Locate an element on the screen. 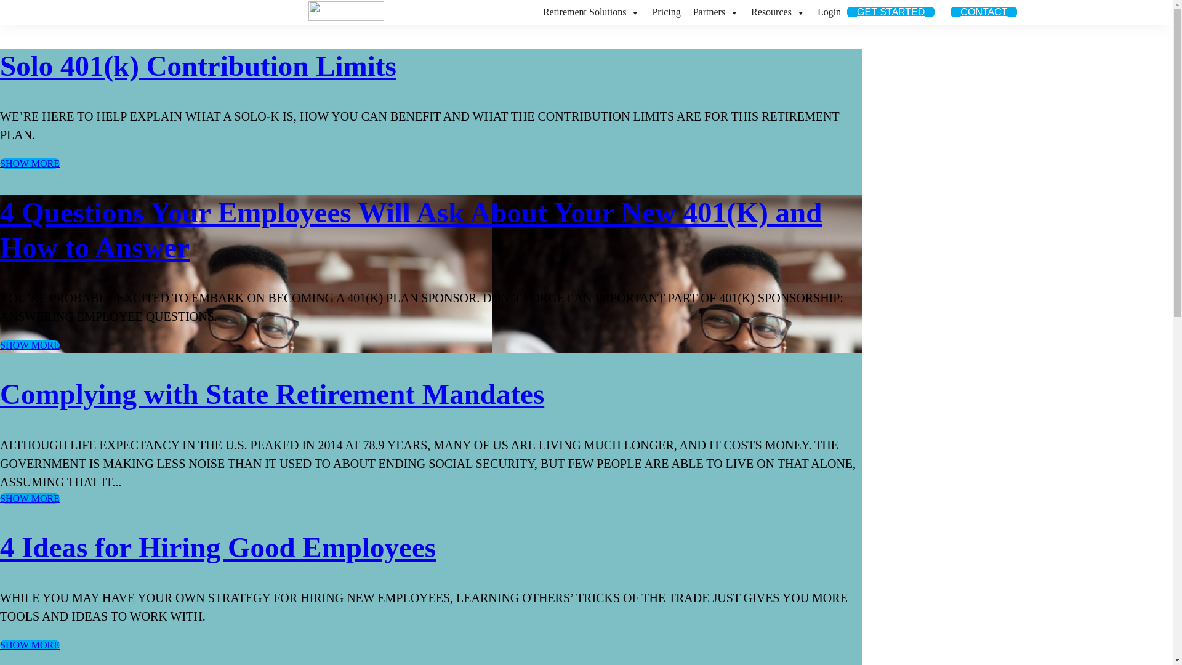  'SHOW MORE' is located at coordinates (30, 644).